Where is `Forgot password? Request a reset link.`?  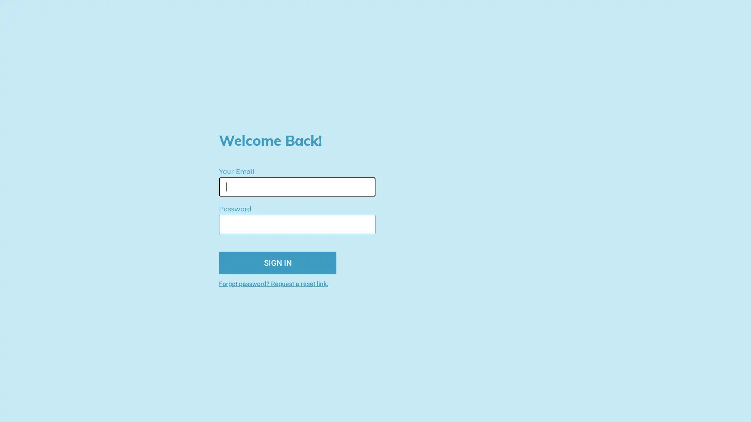 Forgot password? Request a reset link. is located at coordinates (309, 283).